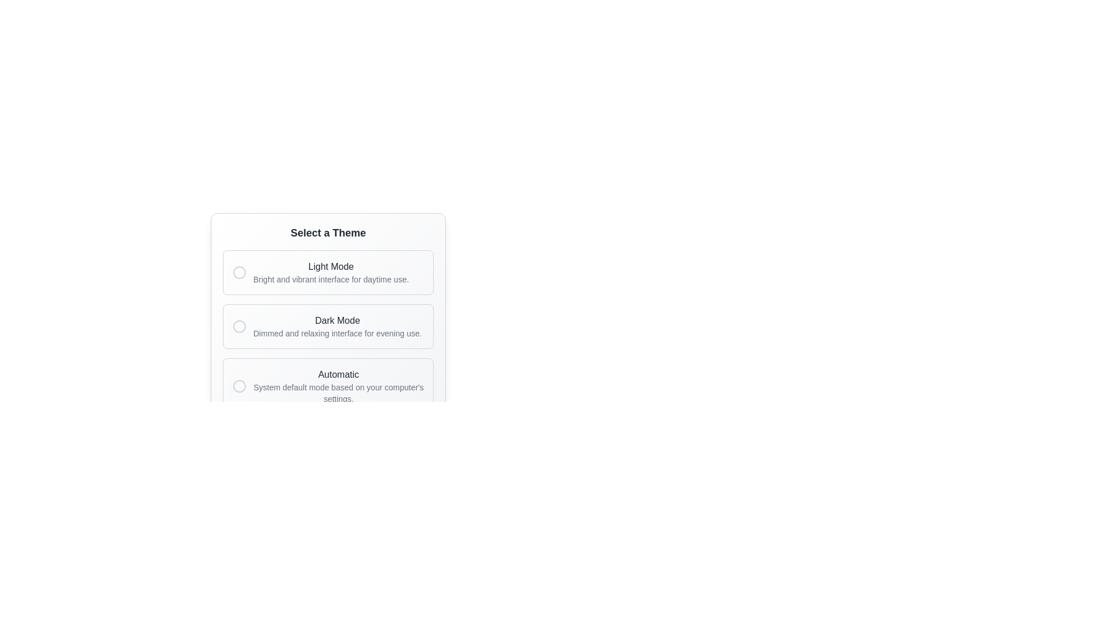  What do you see at coordinates (330, 279) in the screenshot?
I see `the explanatory Text Label for the 'Light Mode' option, which provides additional context about this choice located centrally beneath the title 'Light Mode'` at bounding box center [330, 279].